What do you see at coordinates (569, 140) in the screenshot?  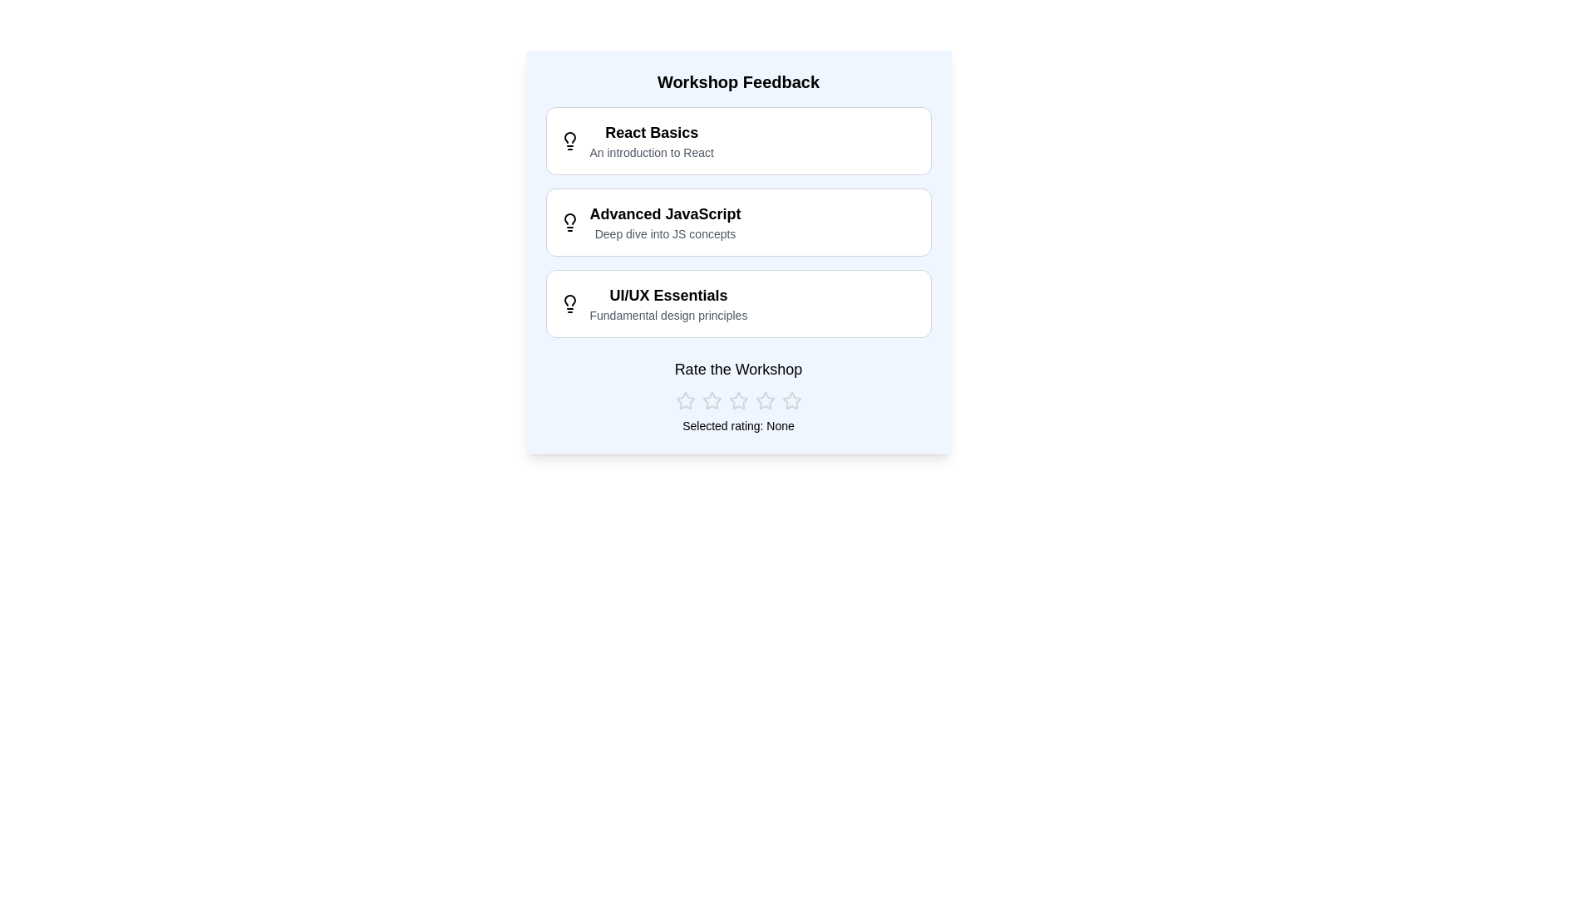 I see `the first icon in the list group that represents the 'React Basics' workshop topic, located to the left of the text 'React Basics'` at bounding box center [569, 140].